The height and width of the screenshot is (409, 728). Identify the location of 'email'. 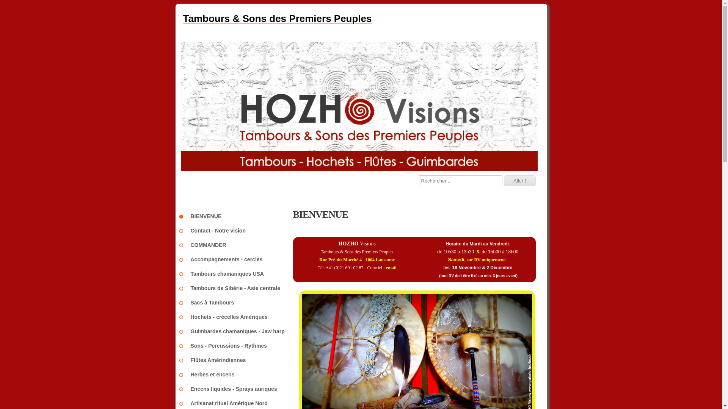
(386, 267).